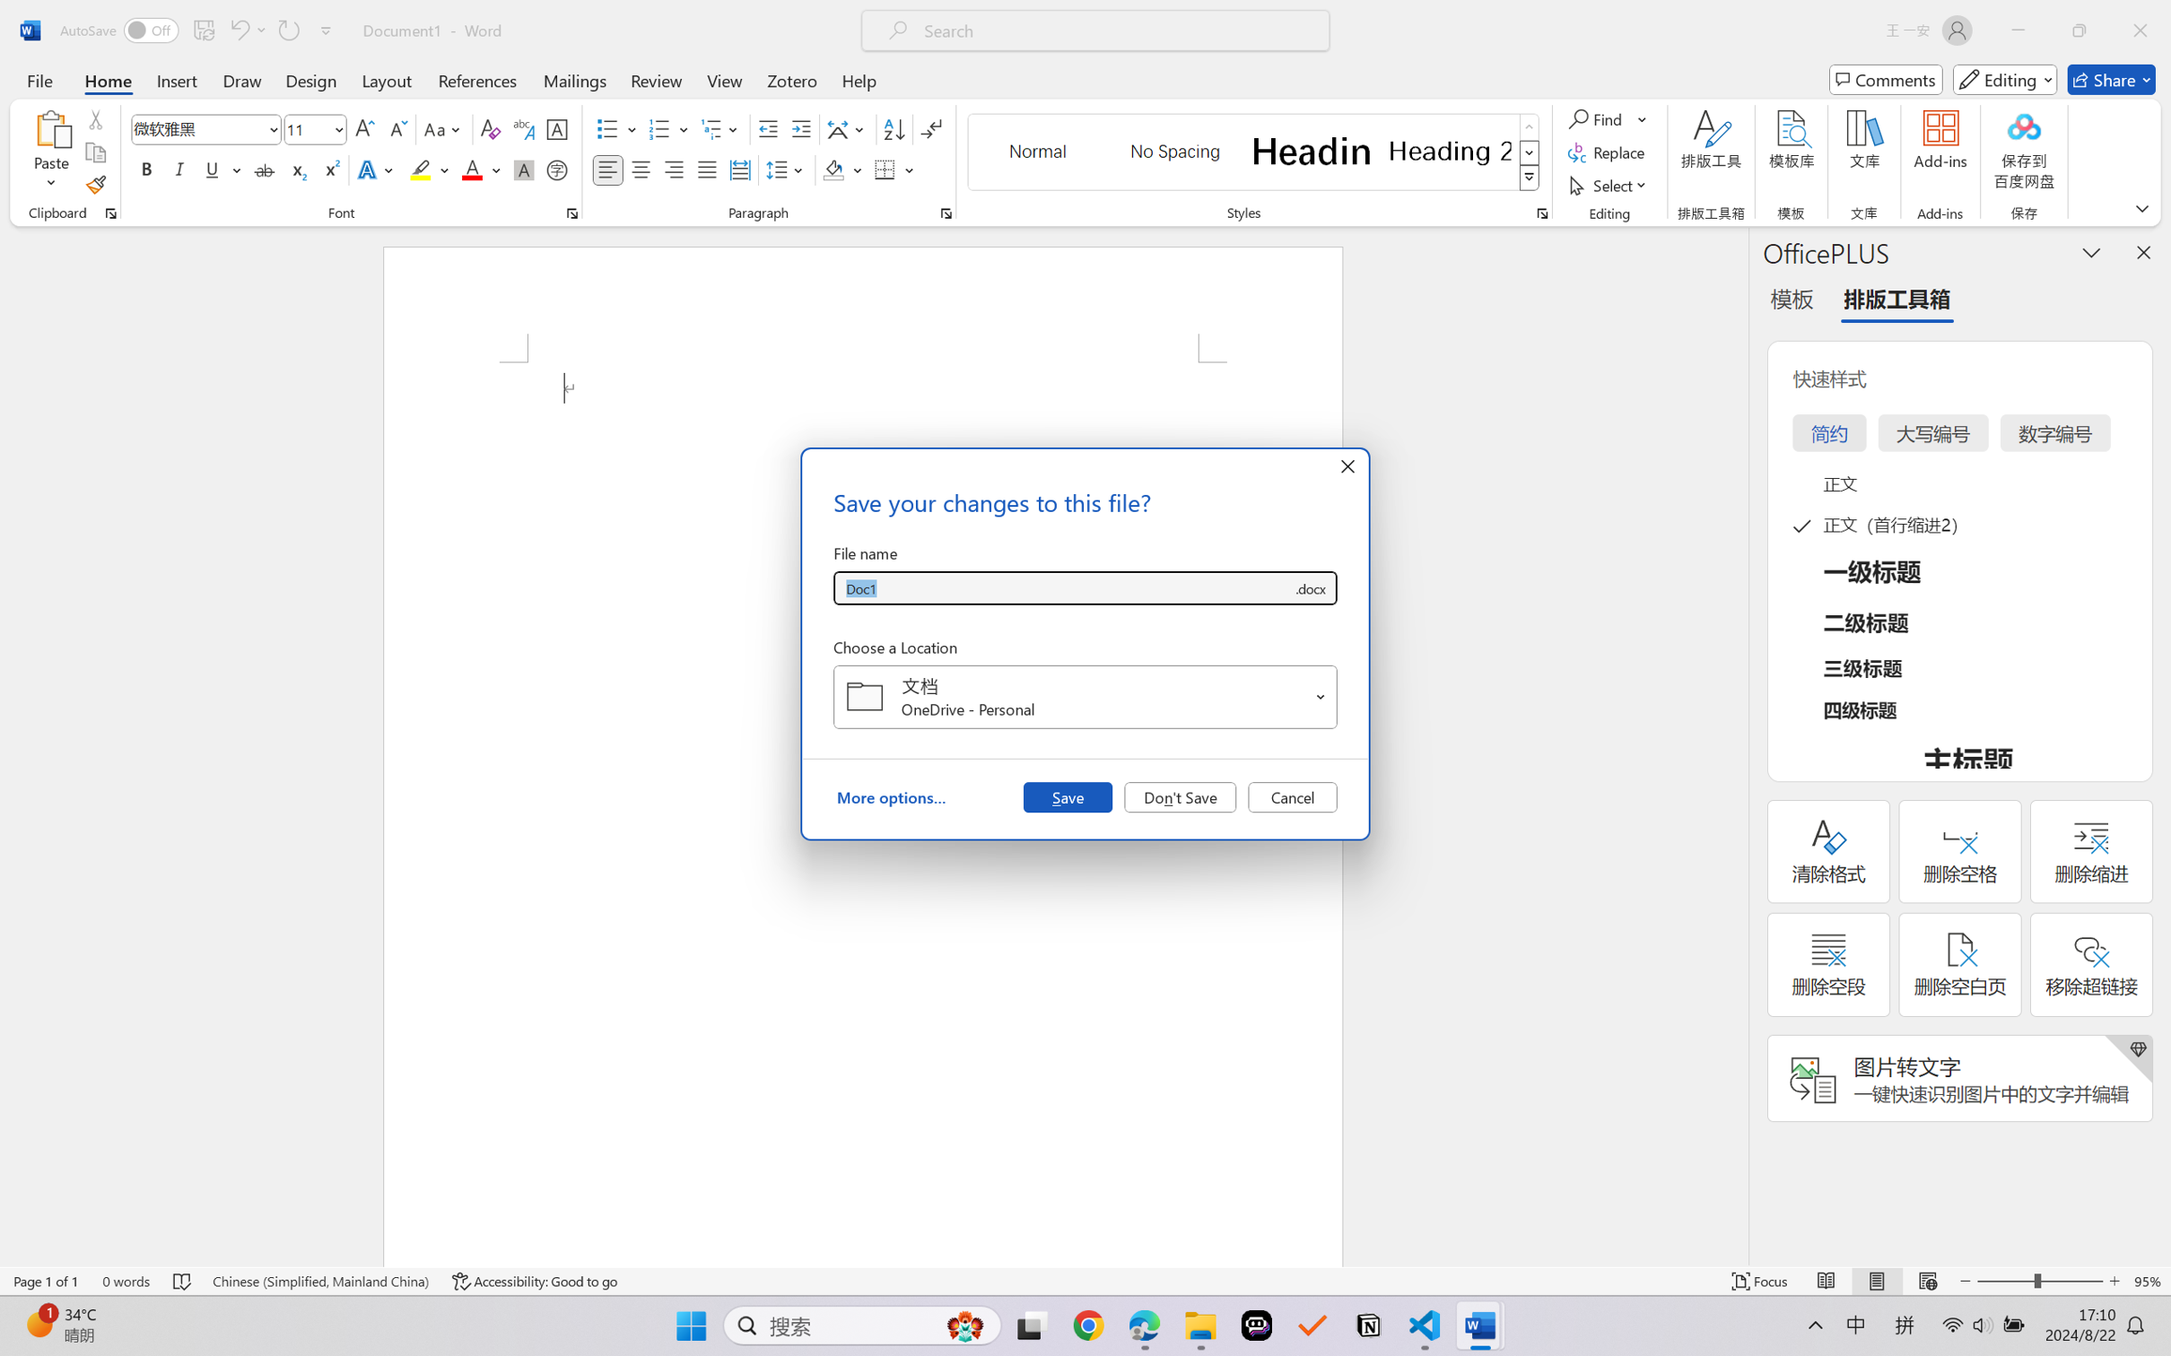 The width and height of the screenshot is (2171, 1356). What do you see at coordinates (1085, 1281) in the screenshot?
I see `'Class: MsoCommandBar'` at bounding box center [1085, 1281].